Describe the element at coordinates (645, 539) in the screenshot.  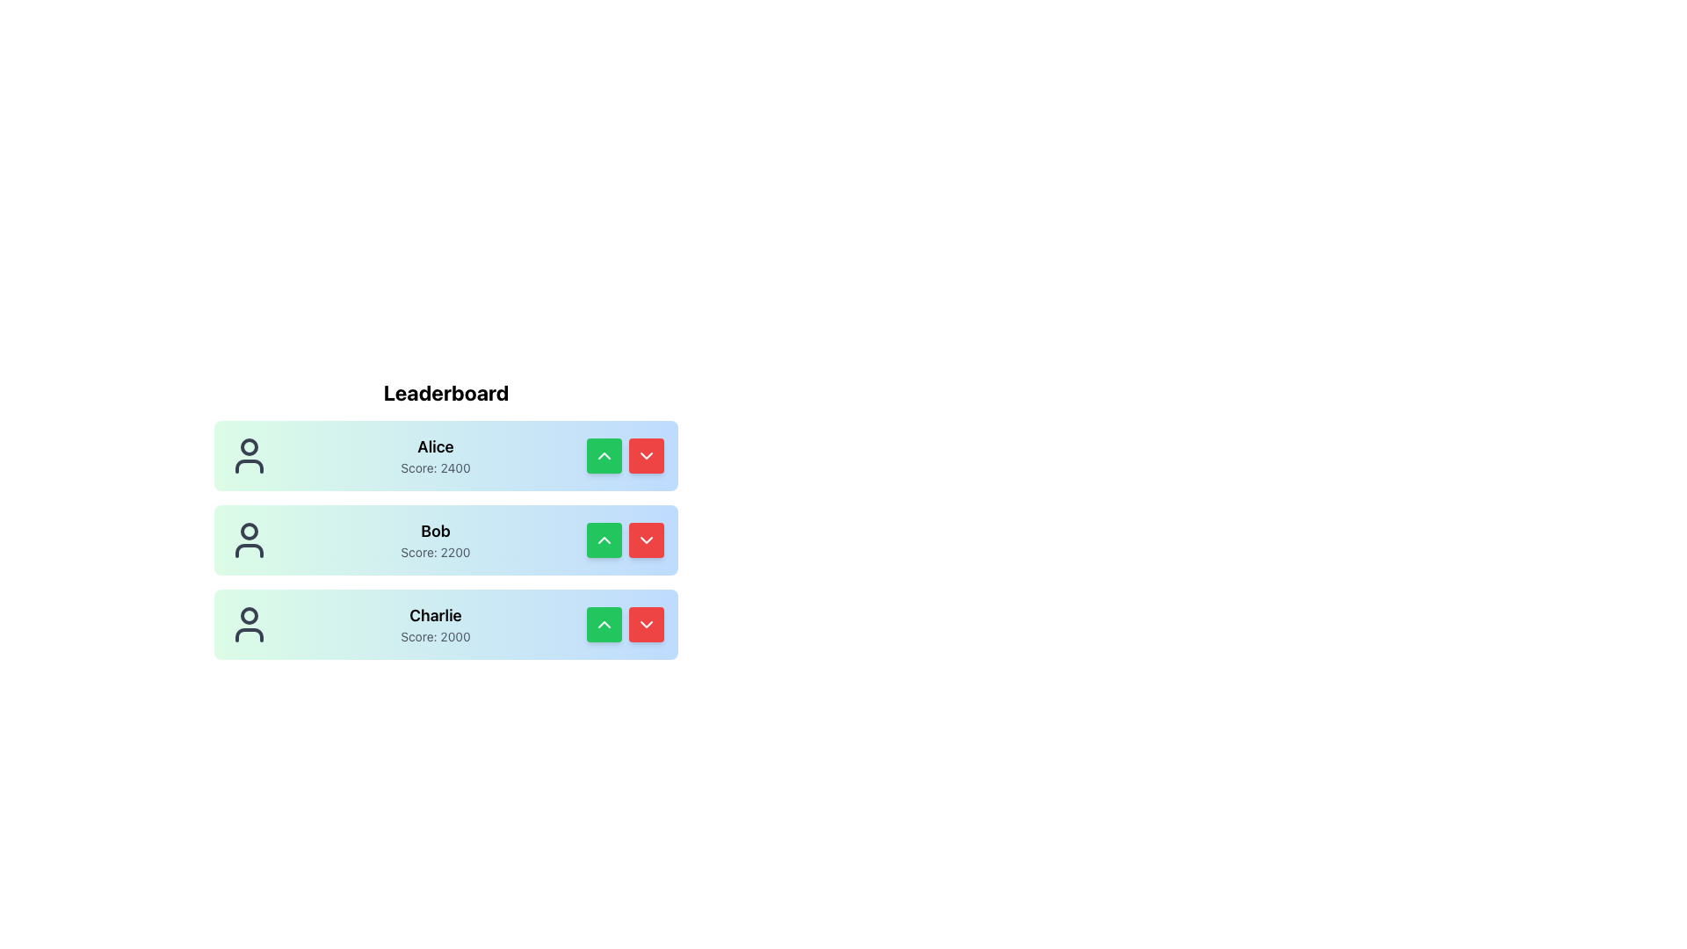
I see `the downward-facing chevron icon, which is white on a red circular background` at that location.